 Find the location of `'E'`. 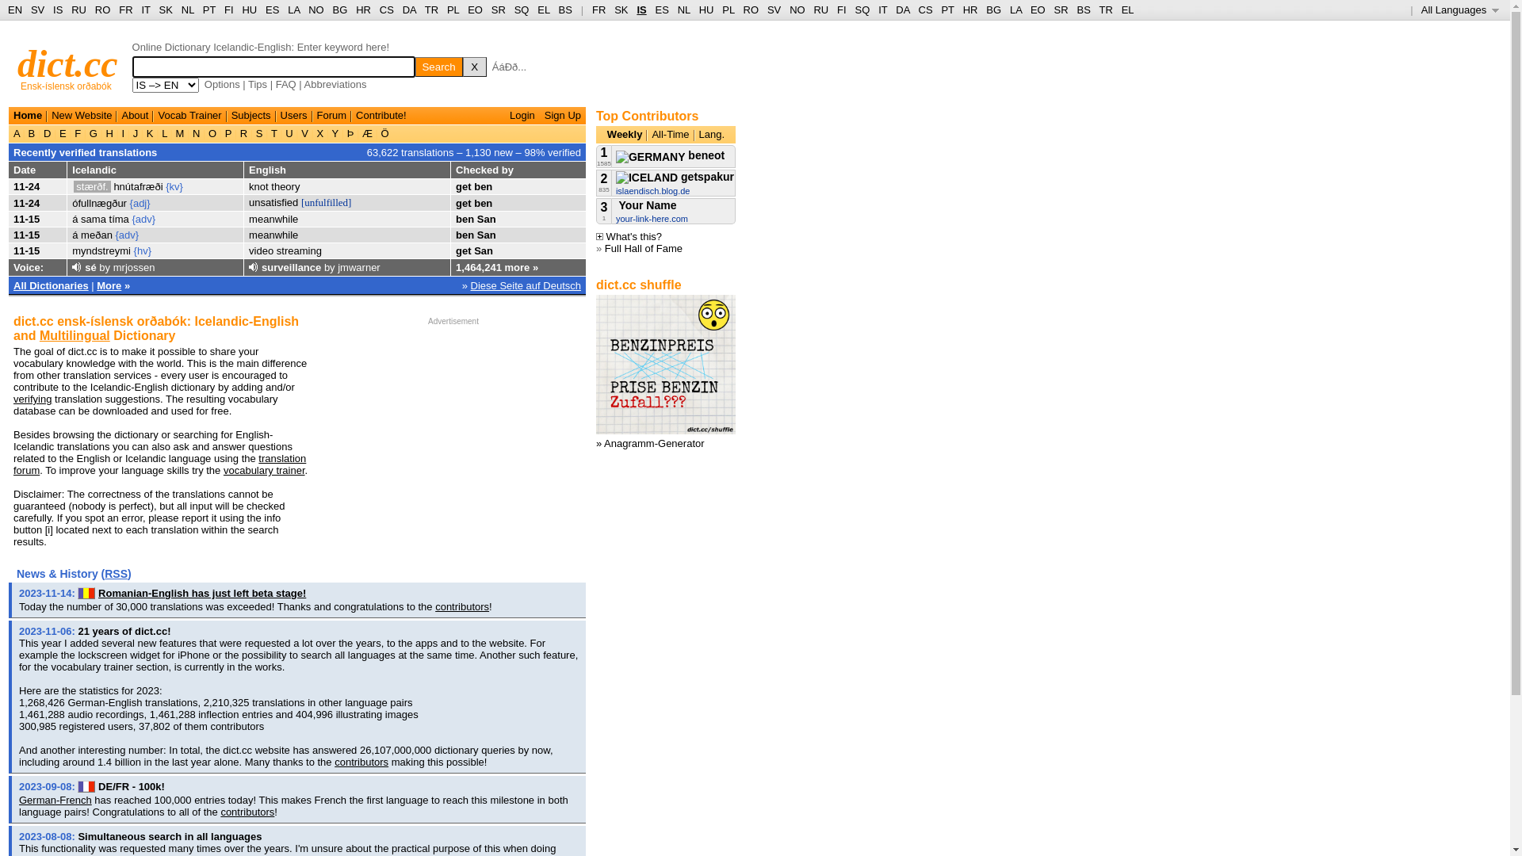

'E' is located at coordinates (56, 132).